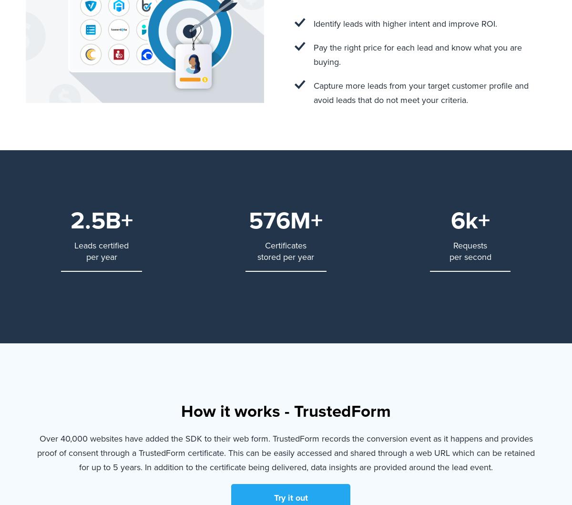 This screenshot has height=505, width=572. I want to click on 'per year', so click(101, 256).